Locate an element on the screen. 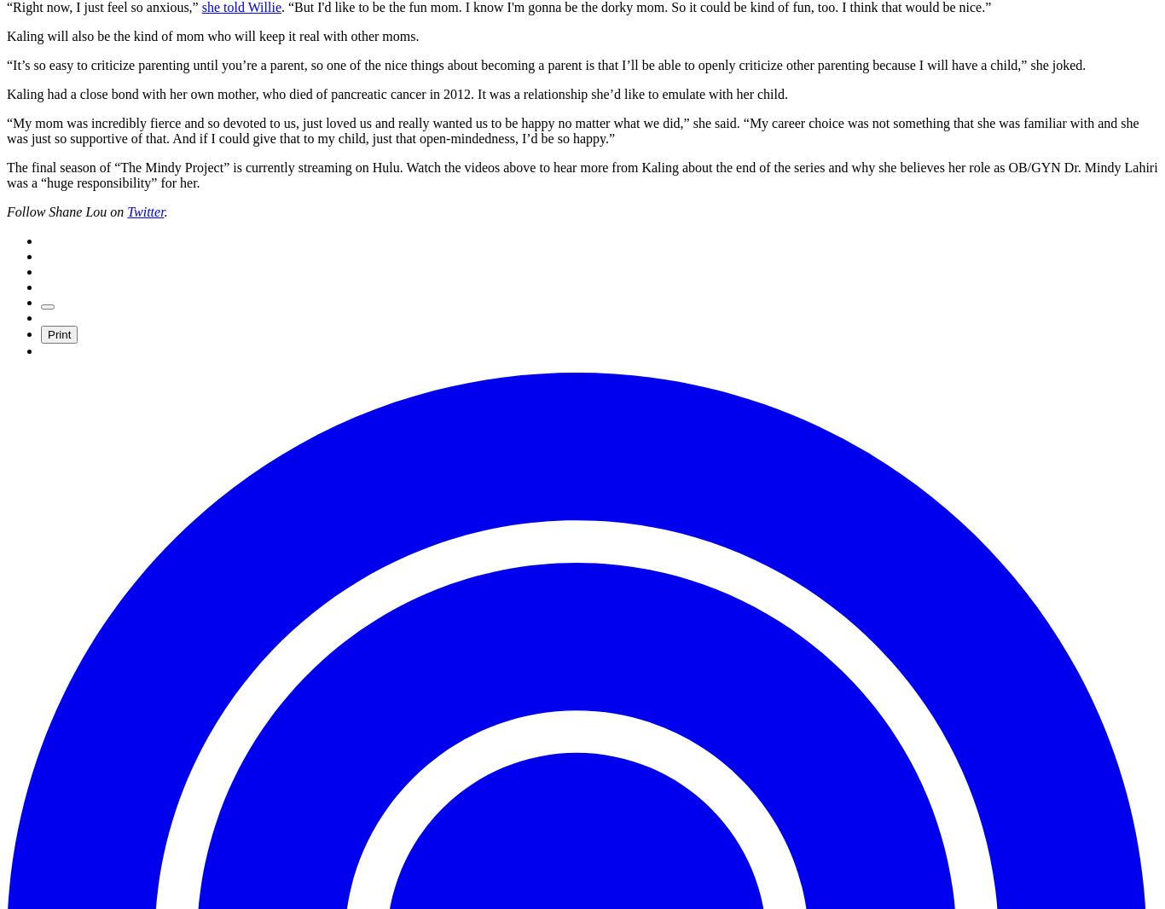  '“Right now, I just feel so anxious,”' is located at coordinates (102, 6).